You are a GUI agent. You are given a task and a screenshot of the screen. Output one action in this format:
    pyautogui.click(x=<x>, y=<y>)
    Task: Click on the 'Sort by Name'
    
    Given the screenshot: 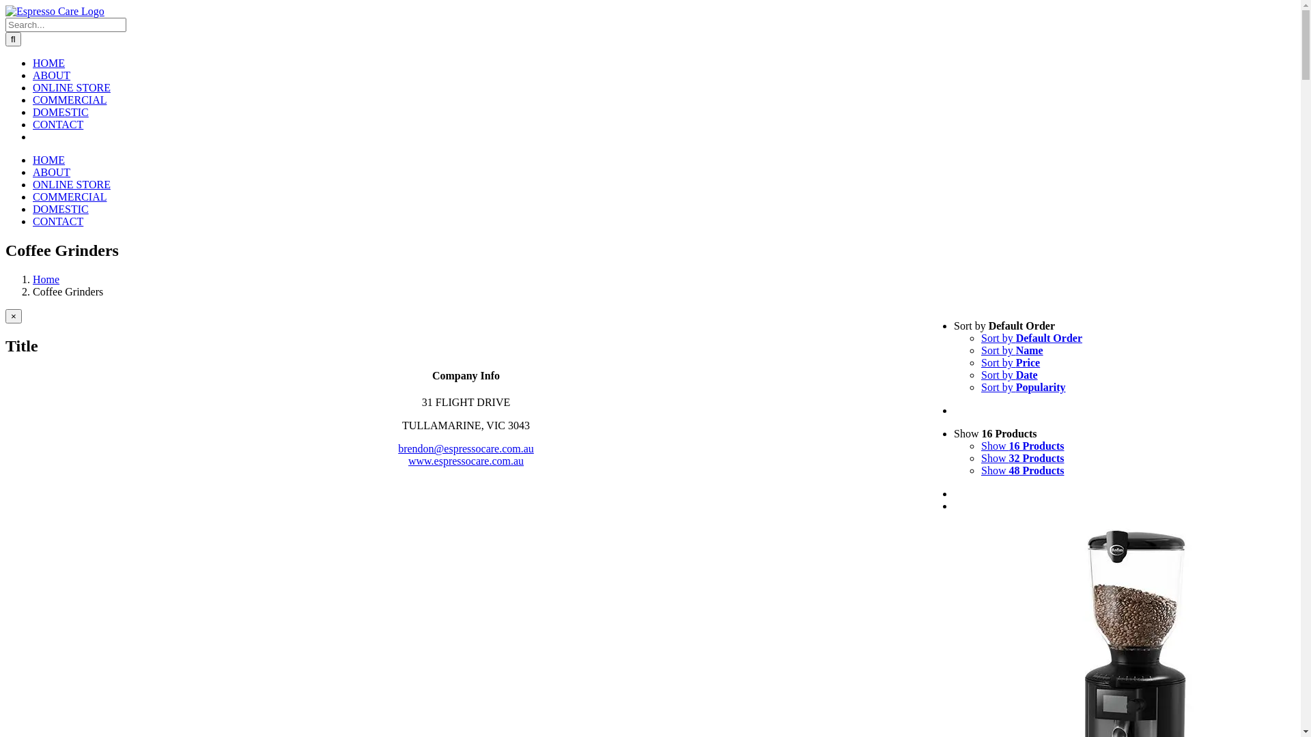 What is the action you would take?
    pyautogui.click(x=980, y=349)
    